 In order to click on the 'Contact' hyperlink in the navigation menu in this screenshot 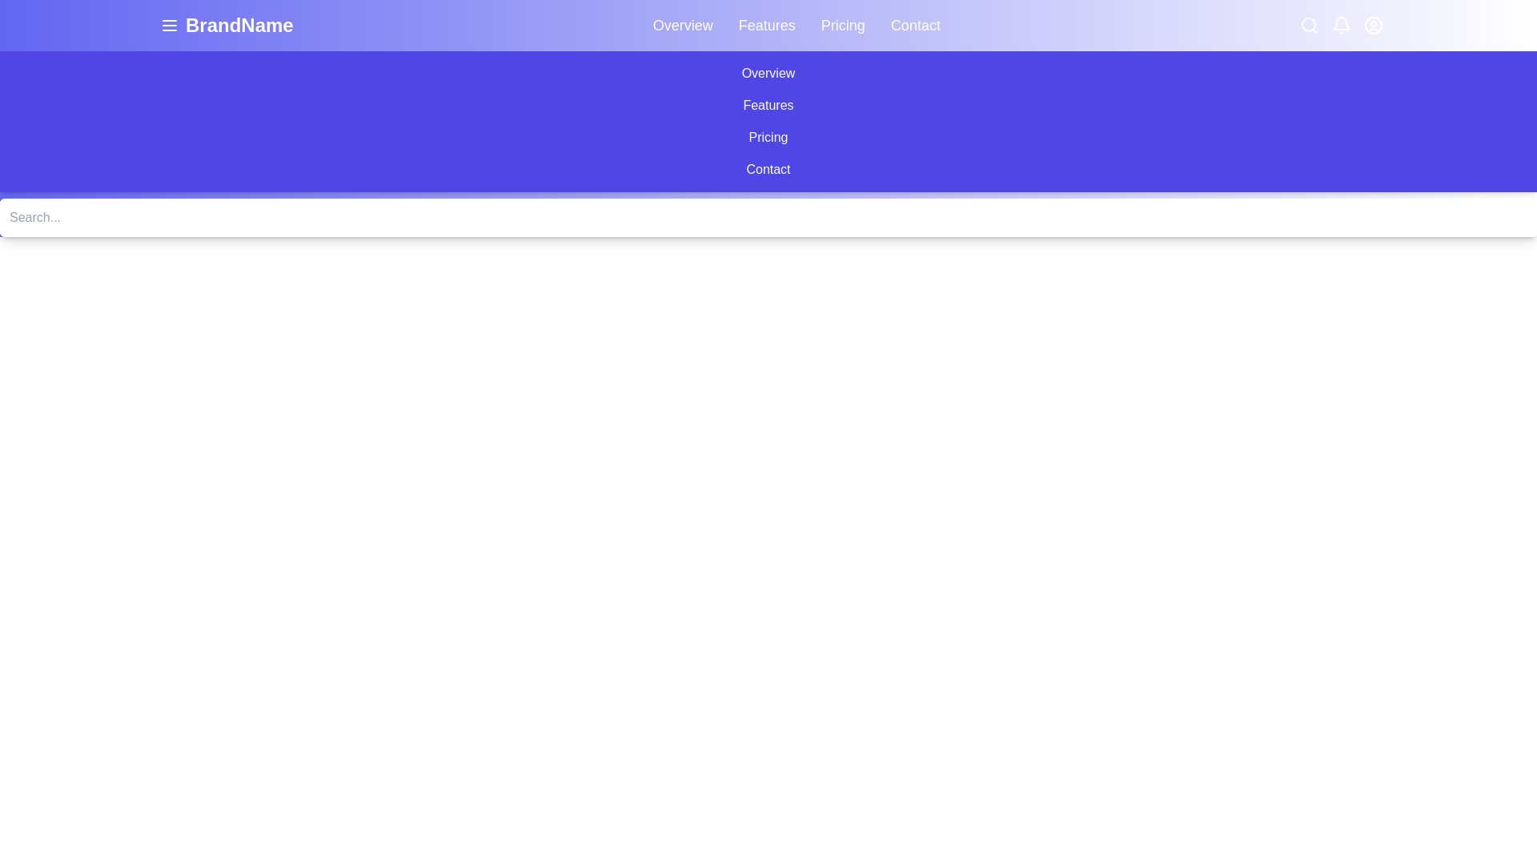, I will do `click(915, 25)`.